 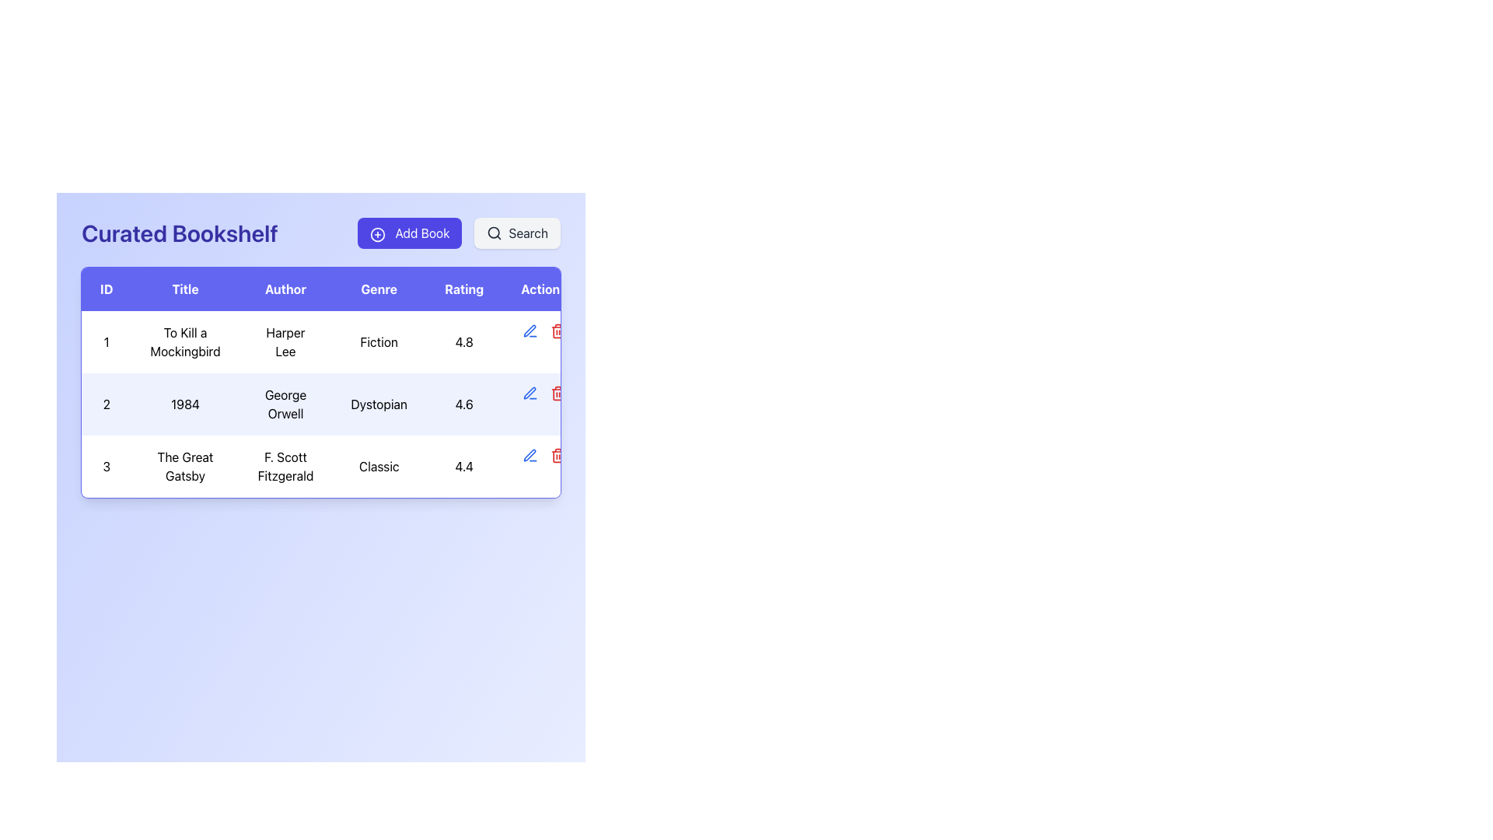 I want to click on the static text label indicating the title of the book located in the second row of the table under the 'Title' column, positioned between the 'ID' column and the 'Author' column, so click(x=185, y=404).